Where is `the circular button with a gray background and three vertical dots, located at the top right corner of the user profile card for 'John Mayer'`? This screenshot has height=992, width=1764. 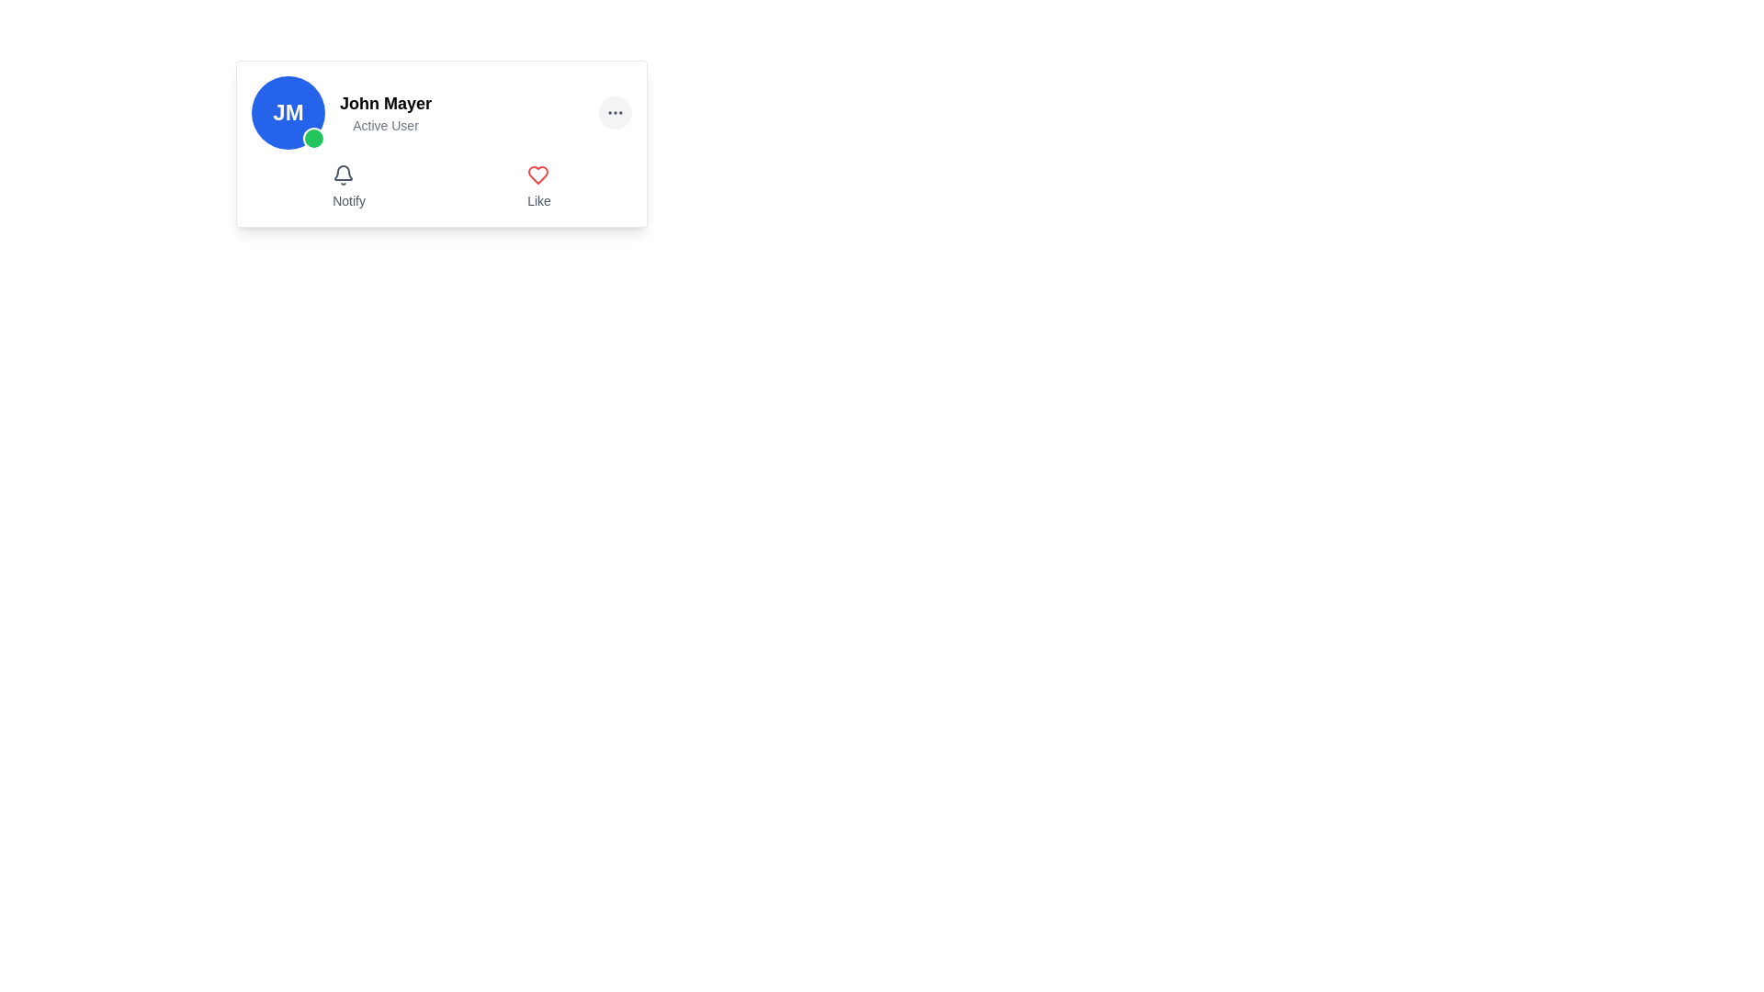 the circular button with a gray background and three vertical dots, located at the top right corner of the user profile card for 'John Mayer' is located at coordinates (616, 113).